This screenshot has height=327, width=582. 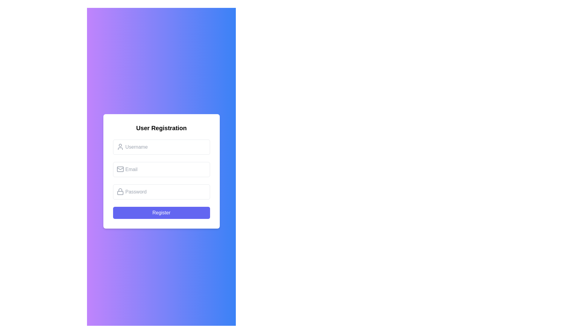 I want to click on the email input icon, which is visually indicated to assist in entering an email address and is positioned to the left of the 'Email' input field, so click(x=120, y=169).